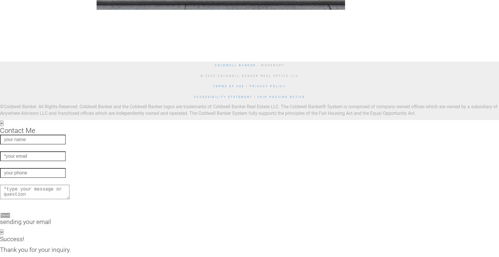 The height and width of the screenshot is (257, 499). I want to click on '©Coldwell Banker. All Rights Reserved. Coldwell Banker and the Coldwell Banker logos are trademarks of Coldwell Banker Real Estate LLC. The Coldwell Banker® System is comprised of company owned offices which are owned by a subsidiary of Anywhere Advisors LLC and franchised offices which are independently owned and operated. The Coldwell Banker System fully supports the principles of the Fair Housing Act and the Equal Opportunity Act.', so click(0, 110).